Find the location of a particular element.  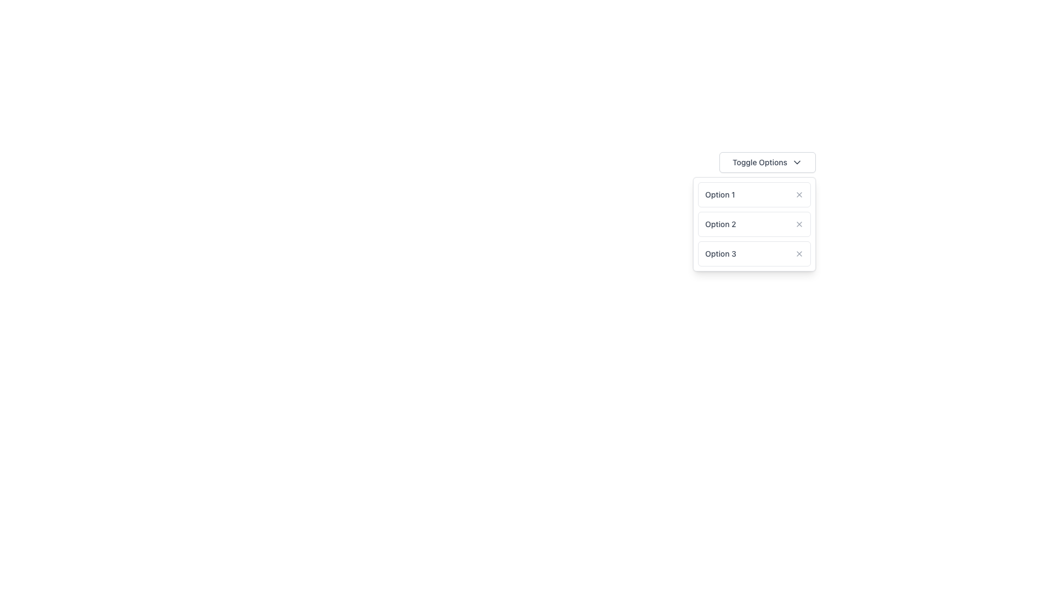

the dropdown menu is located at coordinates (720, 194).